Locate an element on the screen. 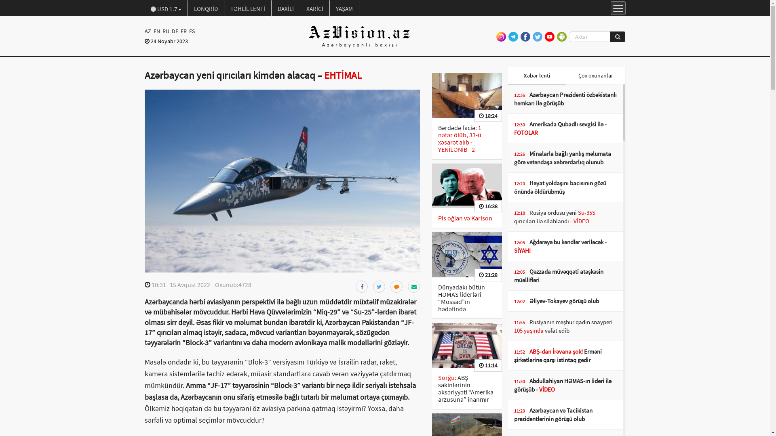  'RU' is located at coordinates (165, 31).